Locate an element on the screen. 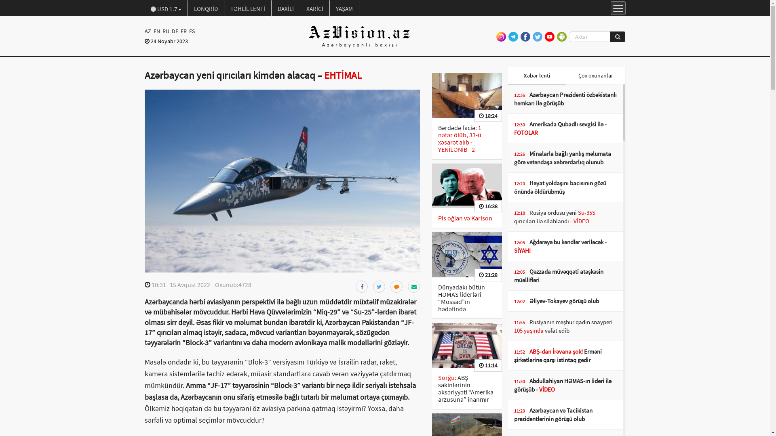  'RU' is located at coordinates (165, 31).